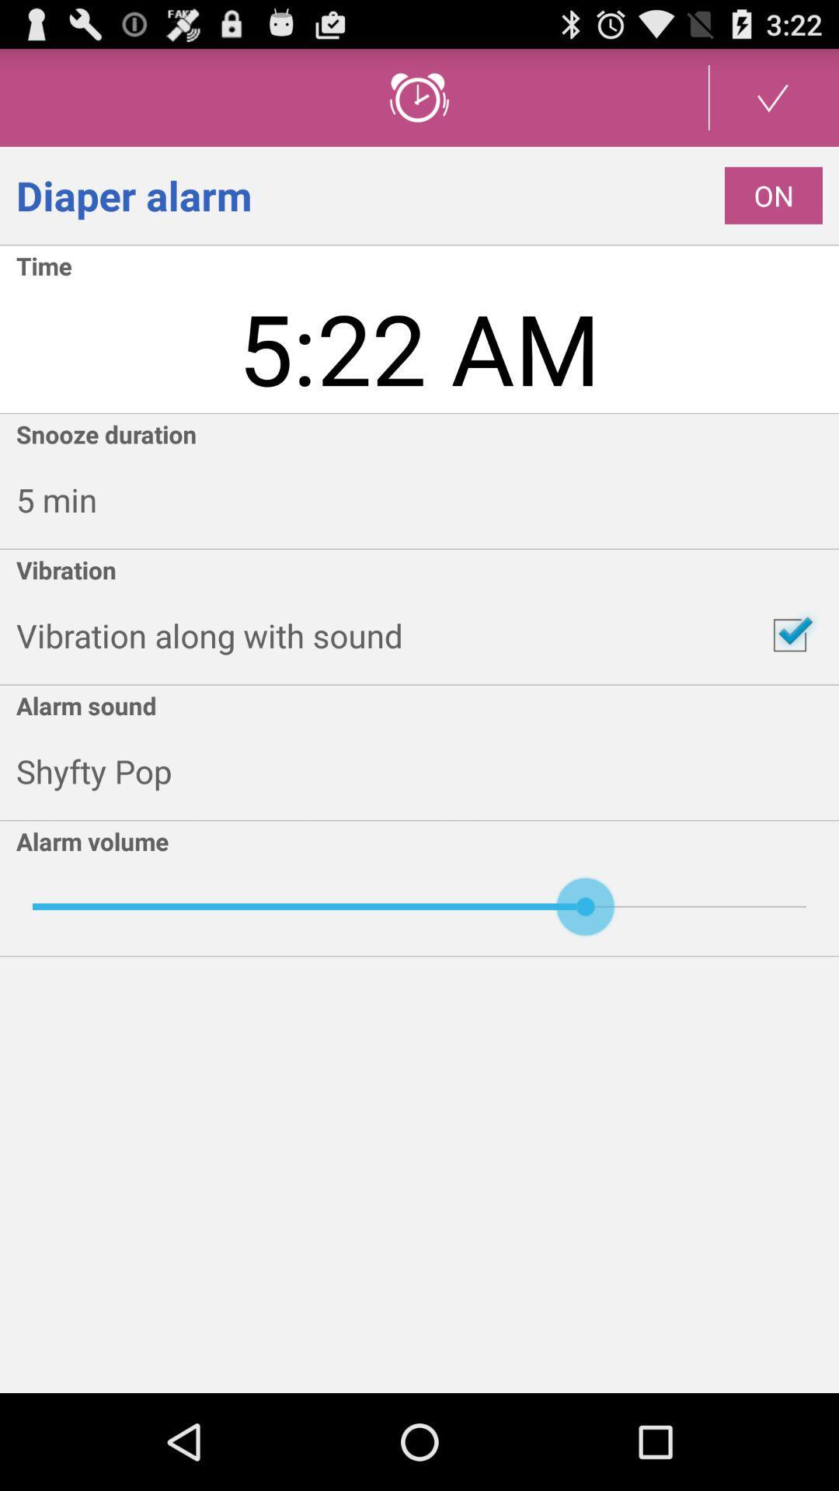 The image size is (839, 1491). I want to click on confirm alarm, so click(773, 96).